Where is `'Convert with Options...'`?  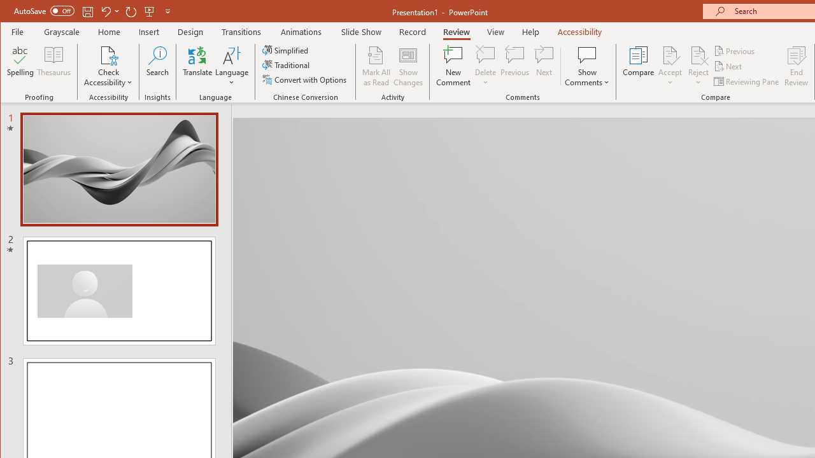 'Convert with Options...' is located at coordinates (306, 80).